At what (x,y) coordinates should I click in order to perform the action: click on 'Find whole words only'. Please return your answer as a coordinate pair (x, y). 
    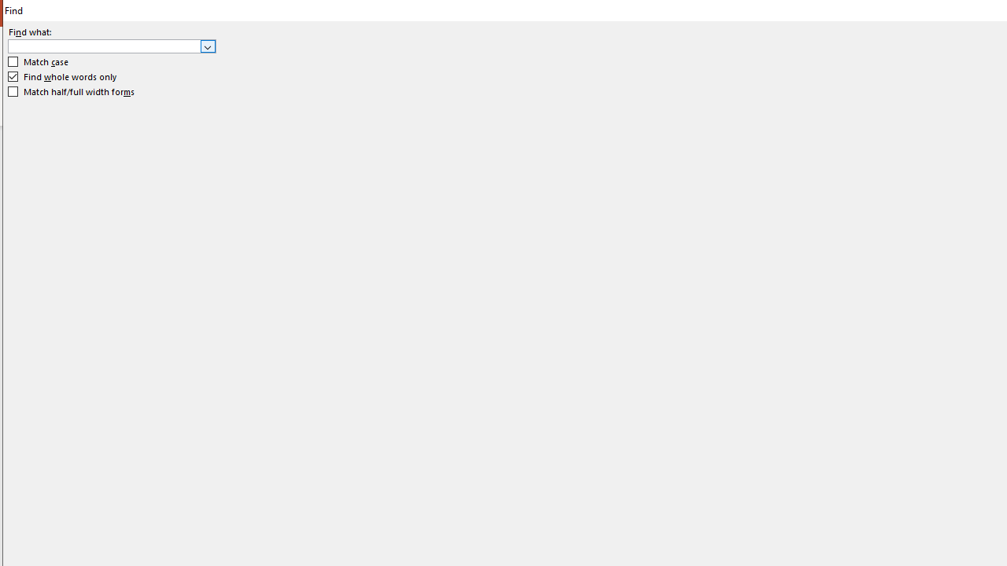
    Looking at the image, I should click on (63, 76).